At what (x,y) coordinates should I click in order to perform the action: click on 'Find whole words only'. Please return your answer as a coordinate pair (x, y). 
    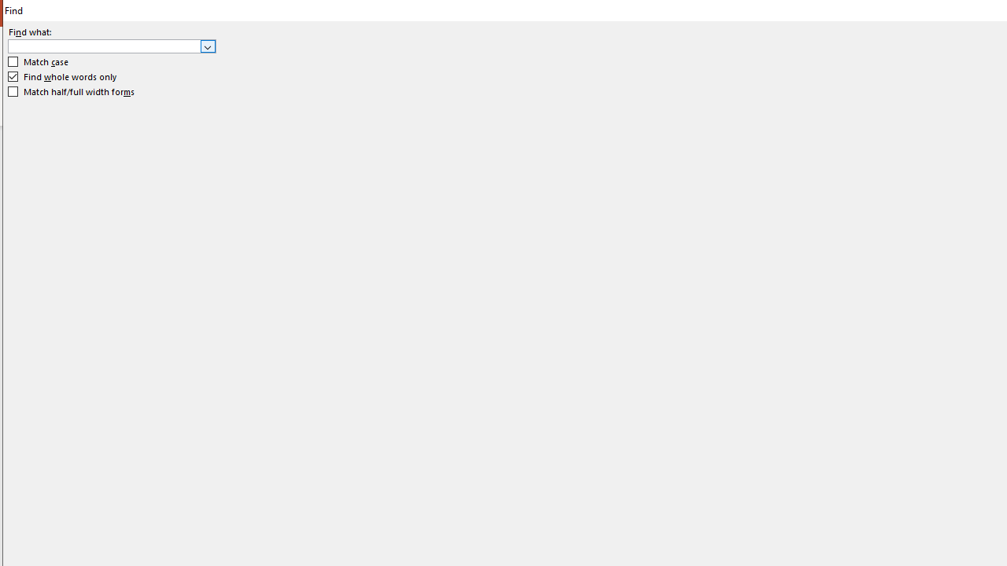
    Looking at the image, I should click on (63, 76).